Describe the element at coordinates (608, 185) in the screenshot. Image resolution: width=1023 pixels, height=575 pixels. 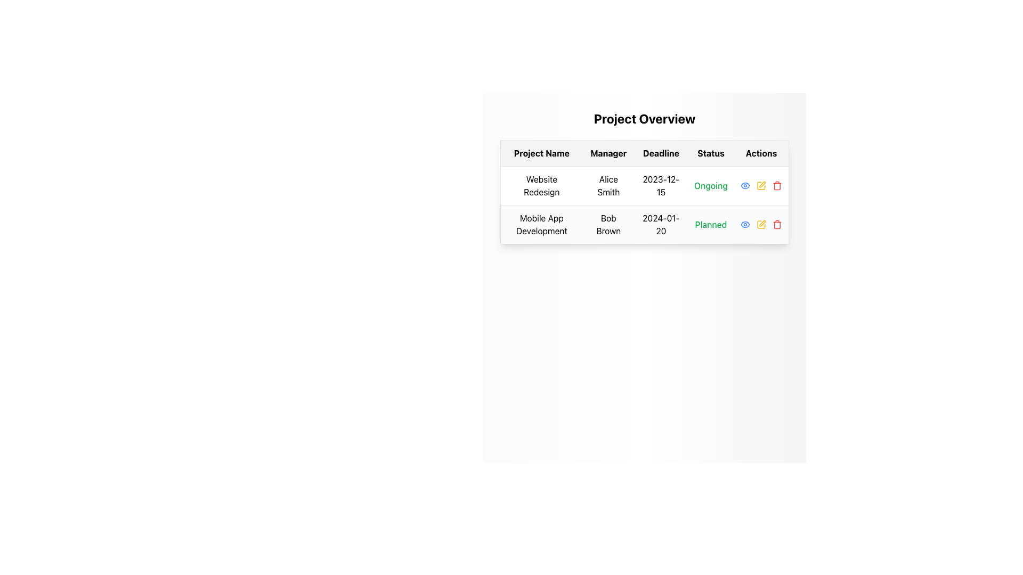
I see `the text label 'Alice Smith' in the Manager section of the table` at that location.